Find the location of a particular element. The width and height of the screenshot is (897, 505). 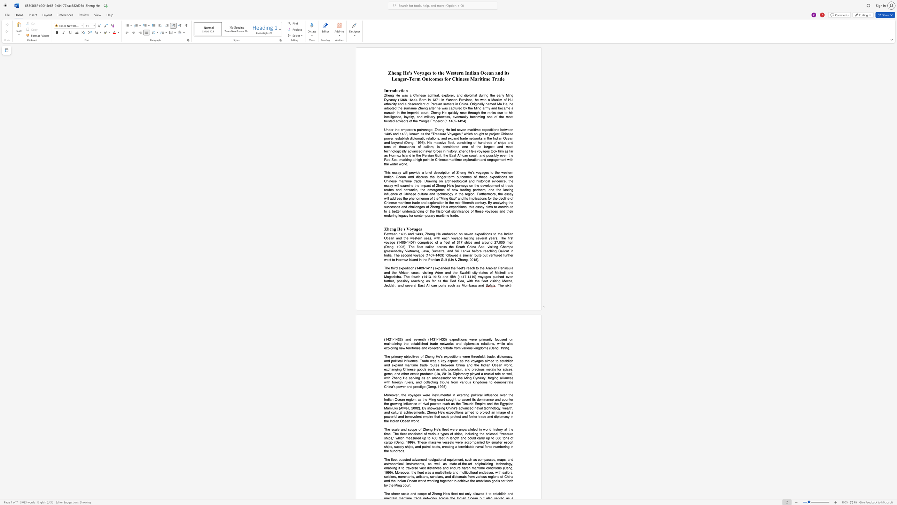

the space between the continuous character "H" and "e" in the text is located at coordinates (400, 229).